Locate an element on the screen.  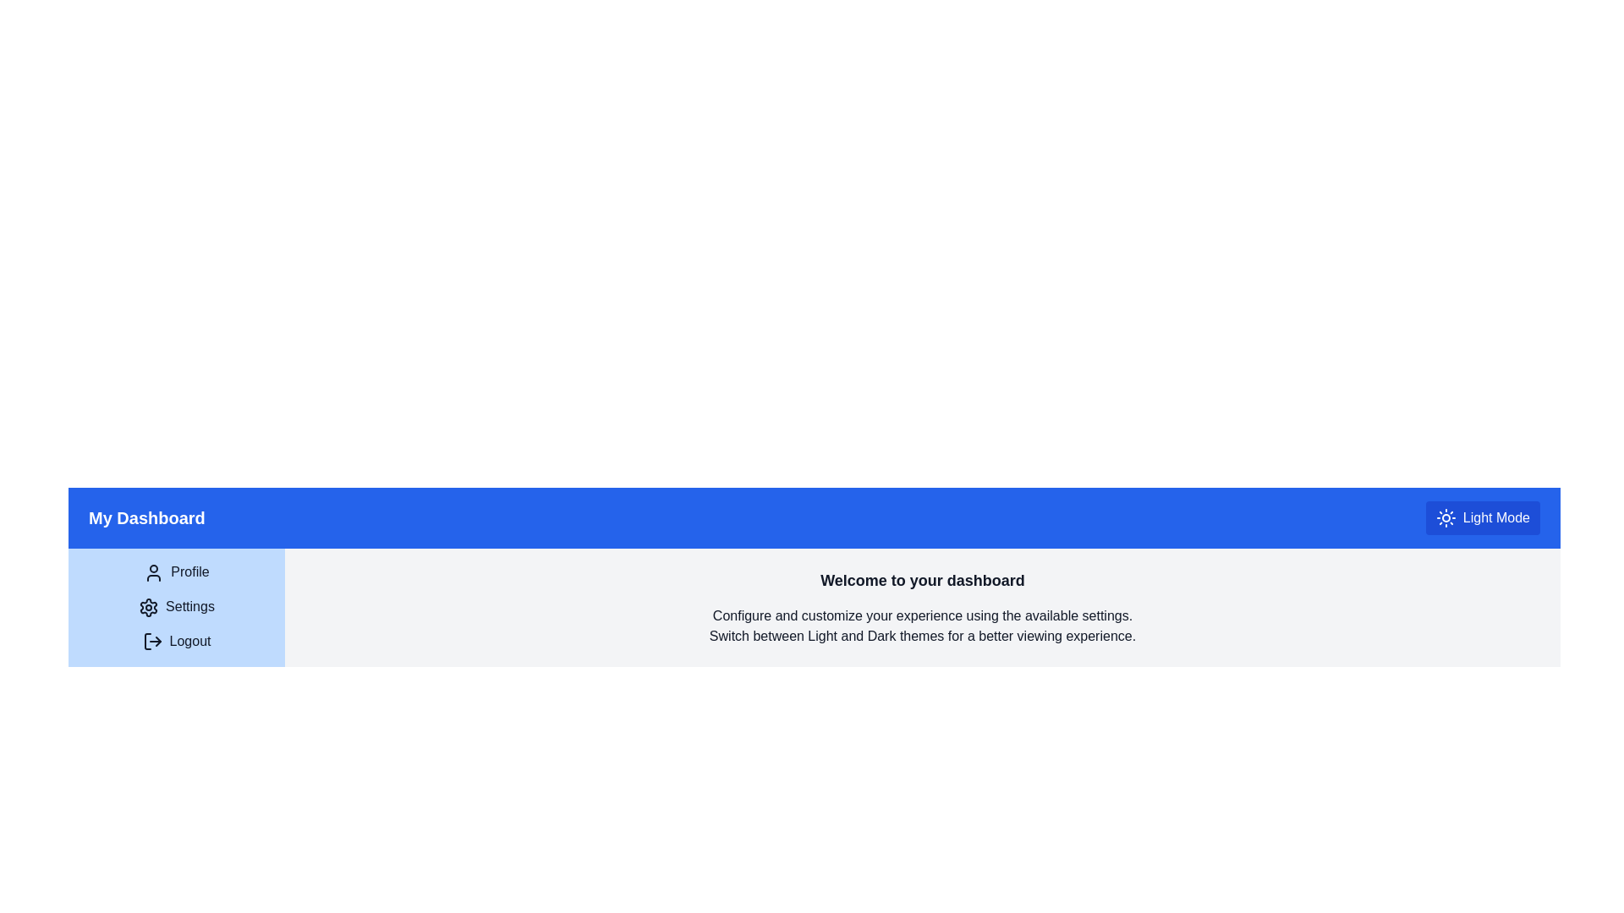
informational text label located below the 'Configure and customize your experience using the available settings.' text, which provides context regarding theme switching options is located at coordinates (921, 636).